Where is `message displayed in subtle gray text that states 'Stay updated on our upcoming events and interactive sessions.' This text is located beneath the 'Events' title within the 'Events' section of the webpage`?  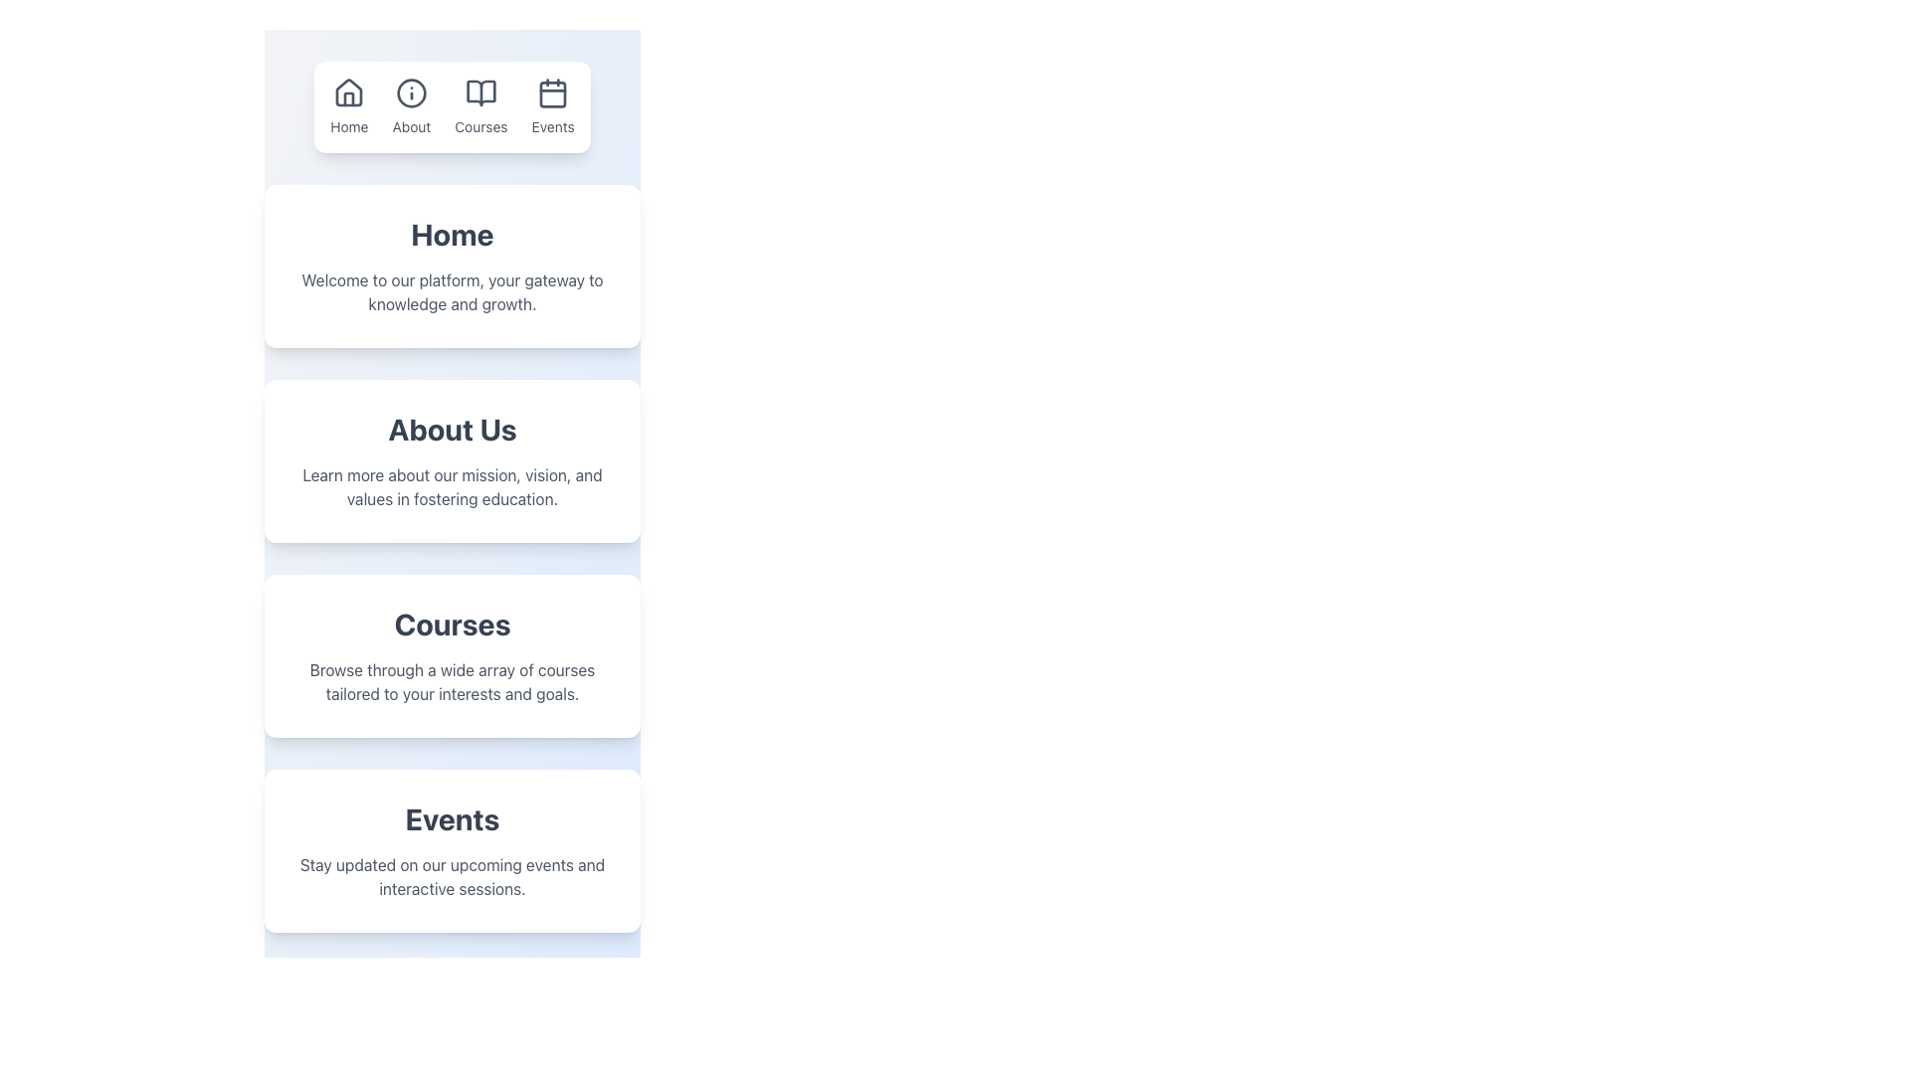
message displayed in subtle gray text that states 'Stay updated on our upcoming events and interactive sessions.' This text is located beneath the 'Events' title within the 'Events' section of the webpage is located at coordinates (452, 876).